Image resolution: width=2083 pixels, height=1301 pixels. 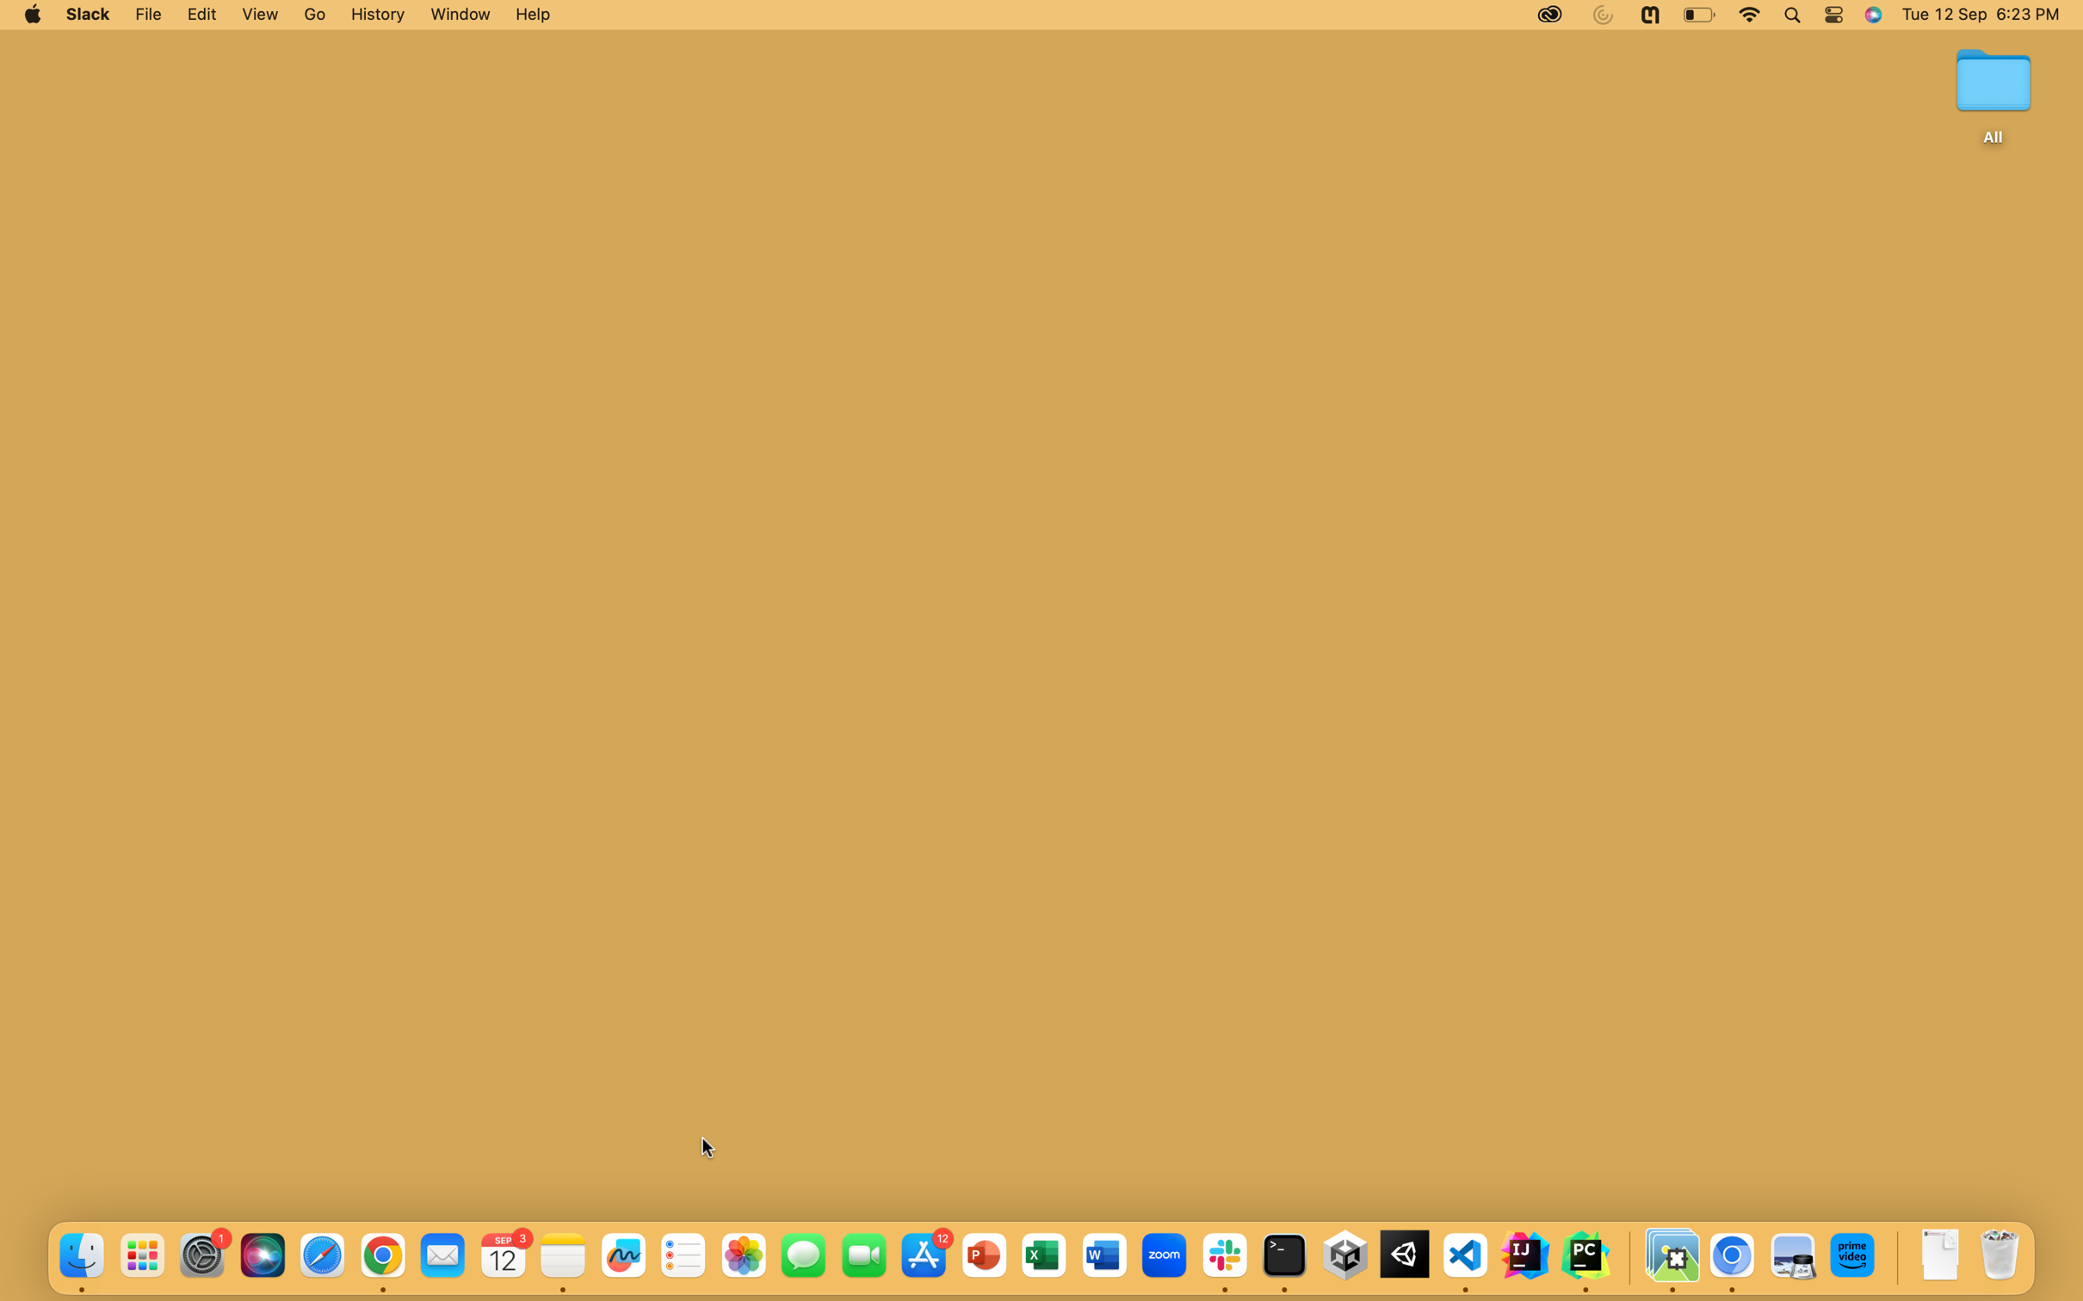 What do you see at coordinates (504, 1255) in the screenshot?
I see `and open the Calendar Application by clicking its icon at the screen"s bottom` at bounding box center [504, 1255].